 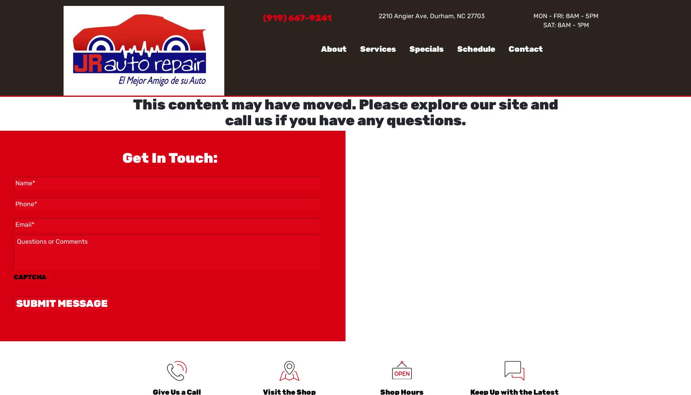 I want to click on 'MON - FRI: 8AM - 5PM', so click(x=565, y=16).